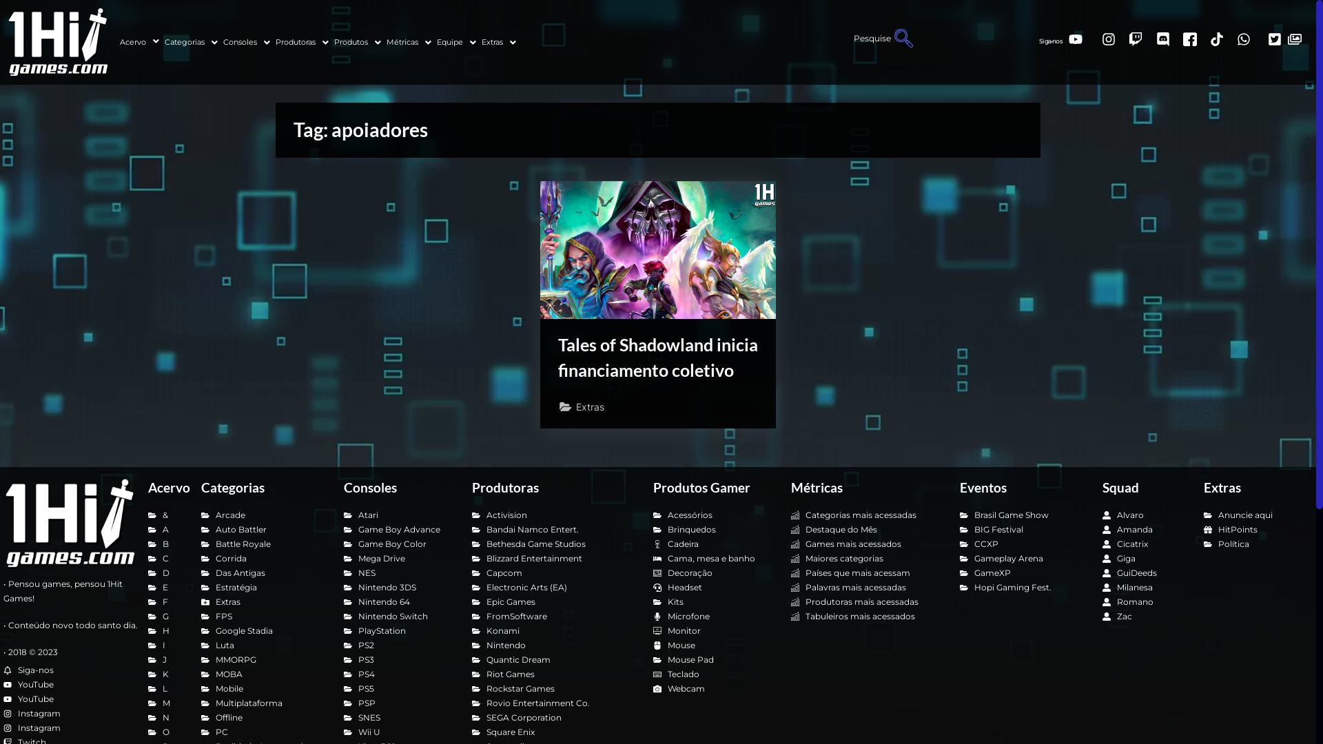  I want to click on 'PS2', so click(400, 645).